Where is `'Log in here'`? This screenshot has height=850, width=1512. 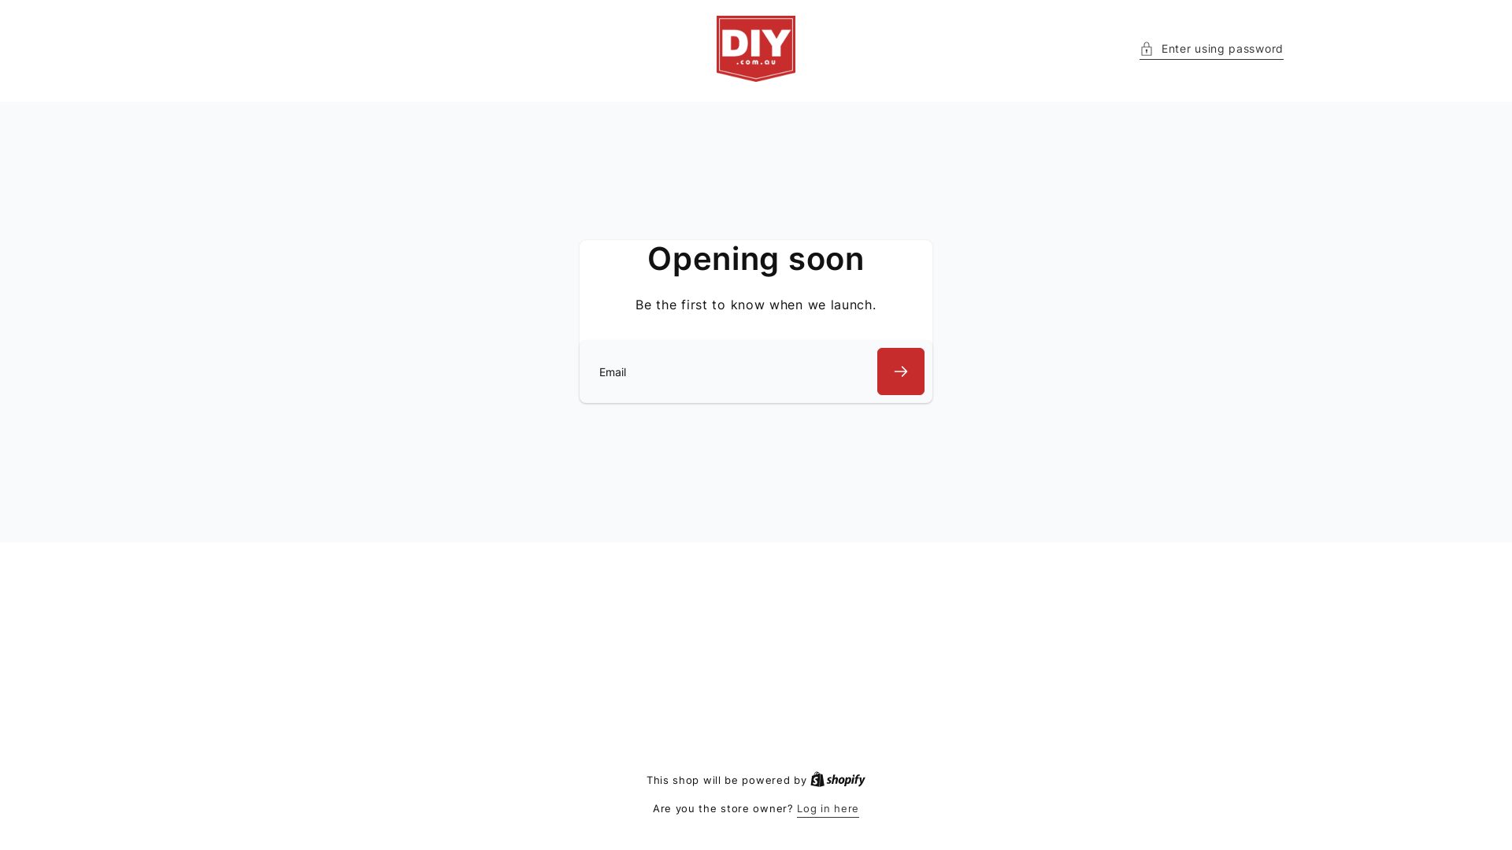 'Log in here' is located at coordinates (797, 809).